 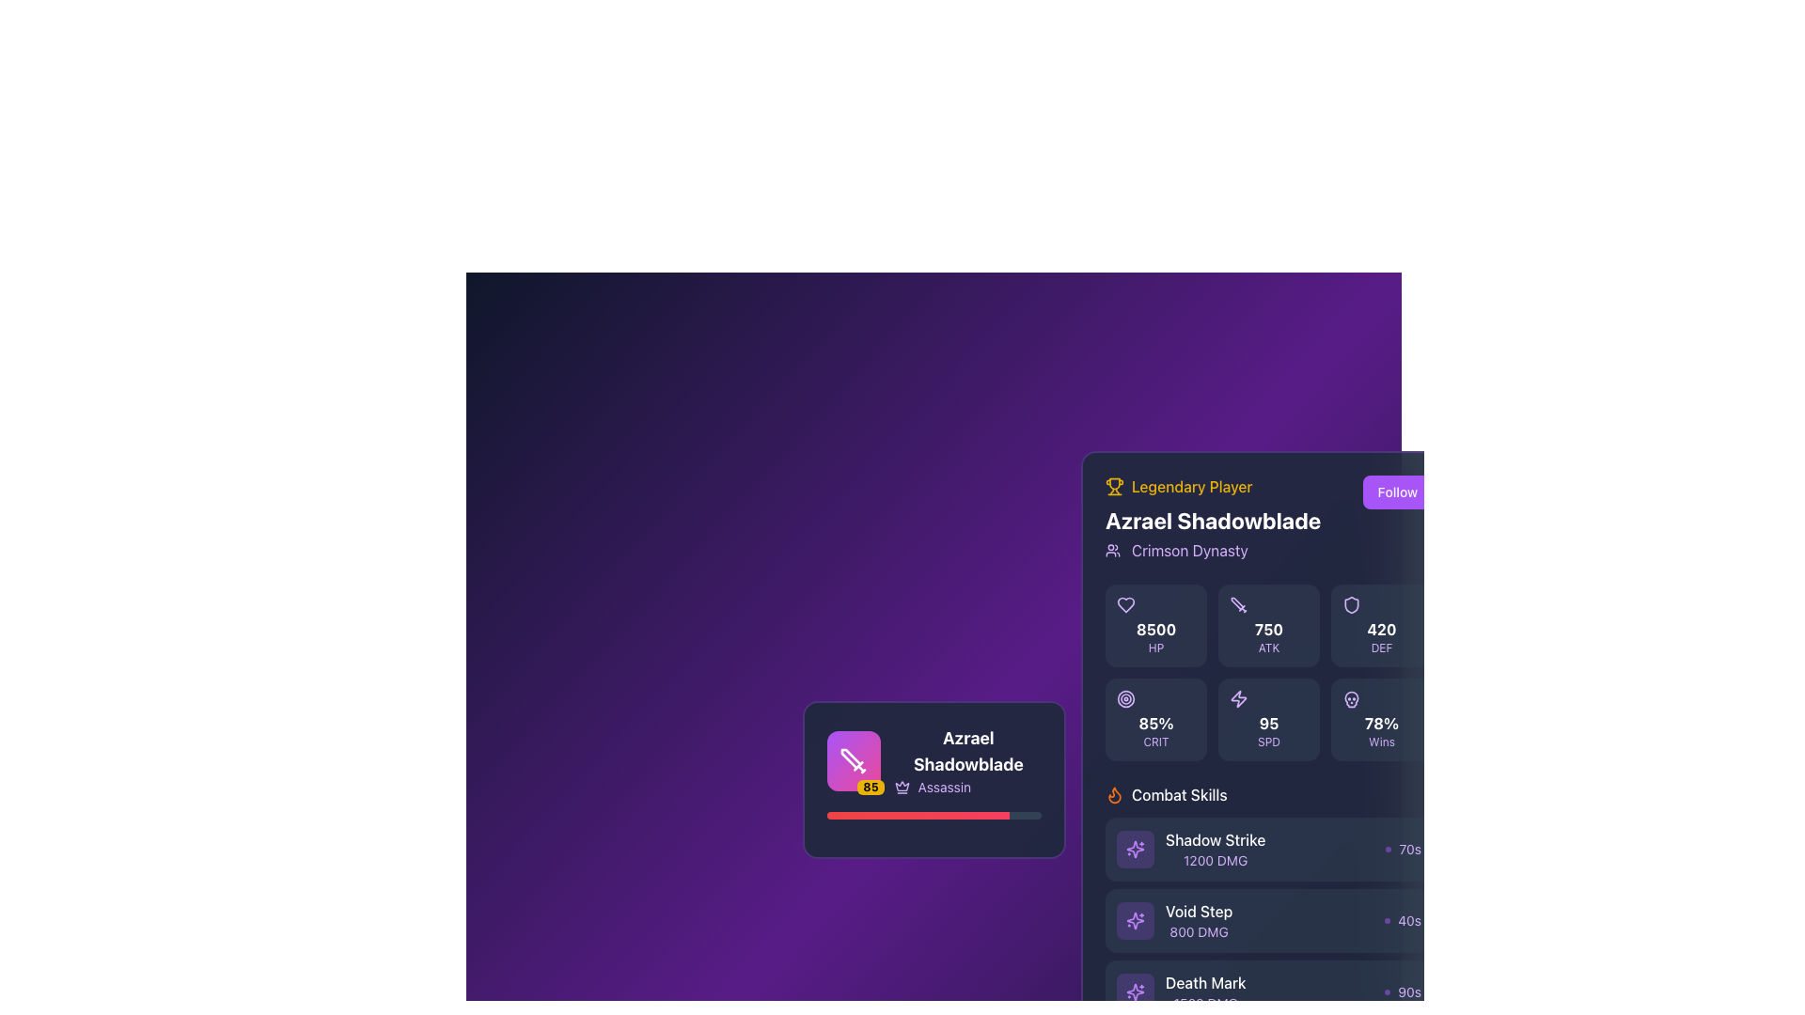 I want to click on information displayed in the small, purple-colored text label showing '1200 DMG', located beneath 'Shadow Strike' in the right panel under the 'Combat Skills' header, so click(x=1215, y=860).